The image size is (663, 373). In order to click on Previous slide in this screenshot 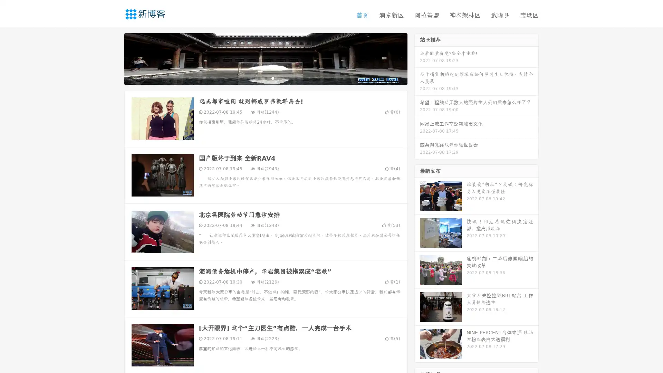, I will do `click(114, 58)`.